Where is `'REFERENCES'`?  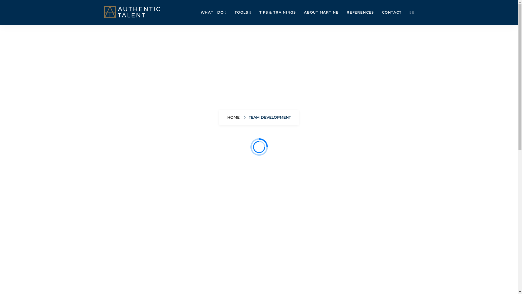
'REFERENCES' is located at coordinates (360, 12).